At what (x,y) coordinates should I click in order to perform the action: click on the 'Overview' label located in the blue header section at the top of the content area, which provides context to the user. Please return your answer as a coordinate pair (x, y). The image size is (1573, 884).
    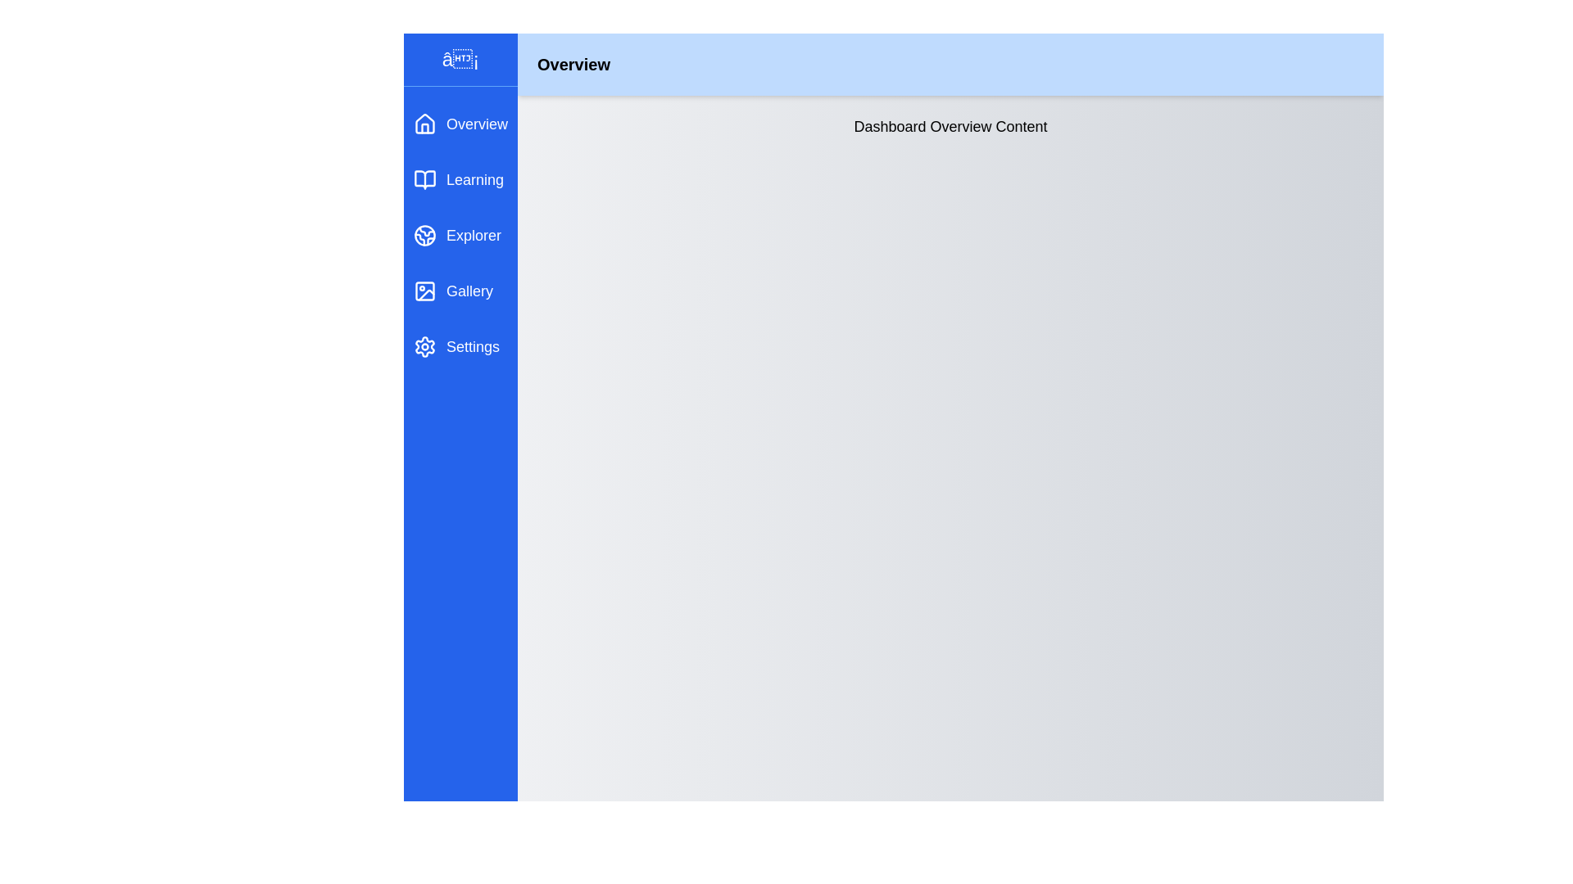
    Looking at the image, I should click on (573, 63).